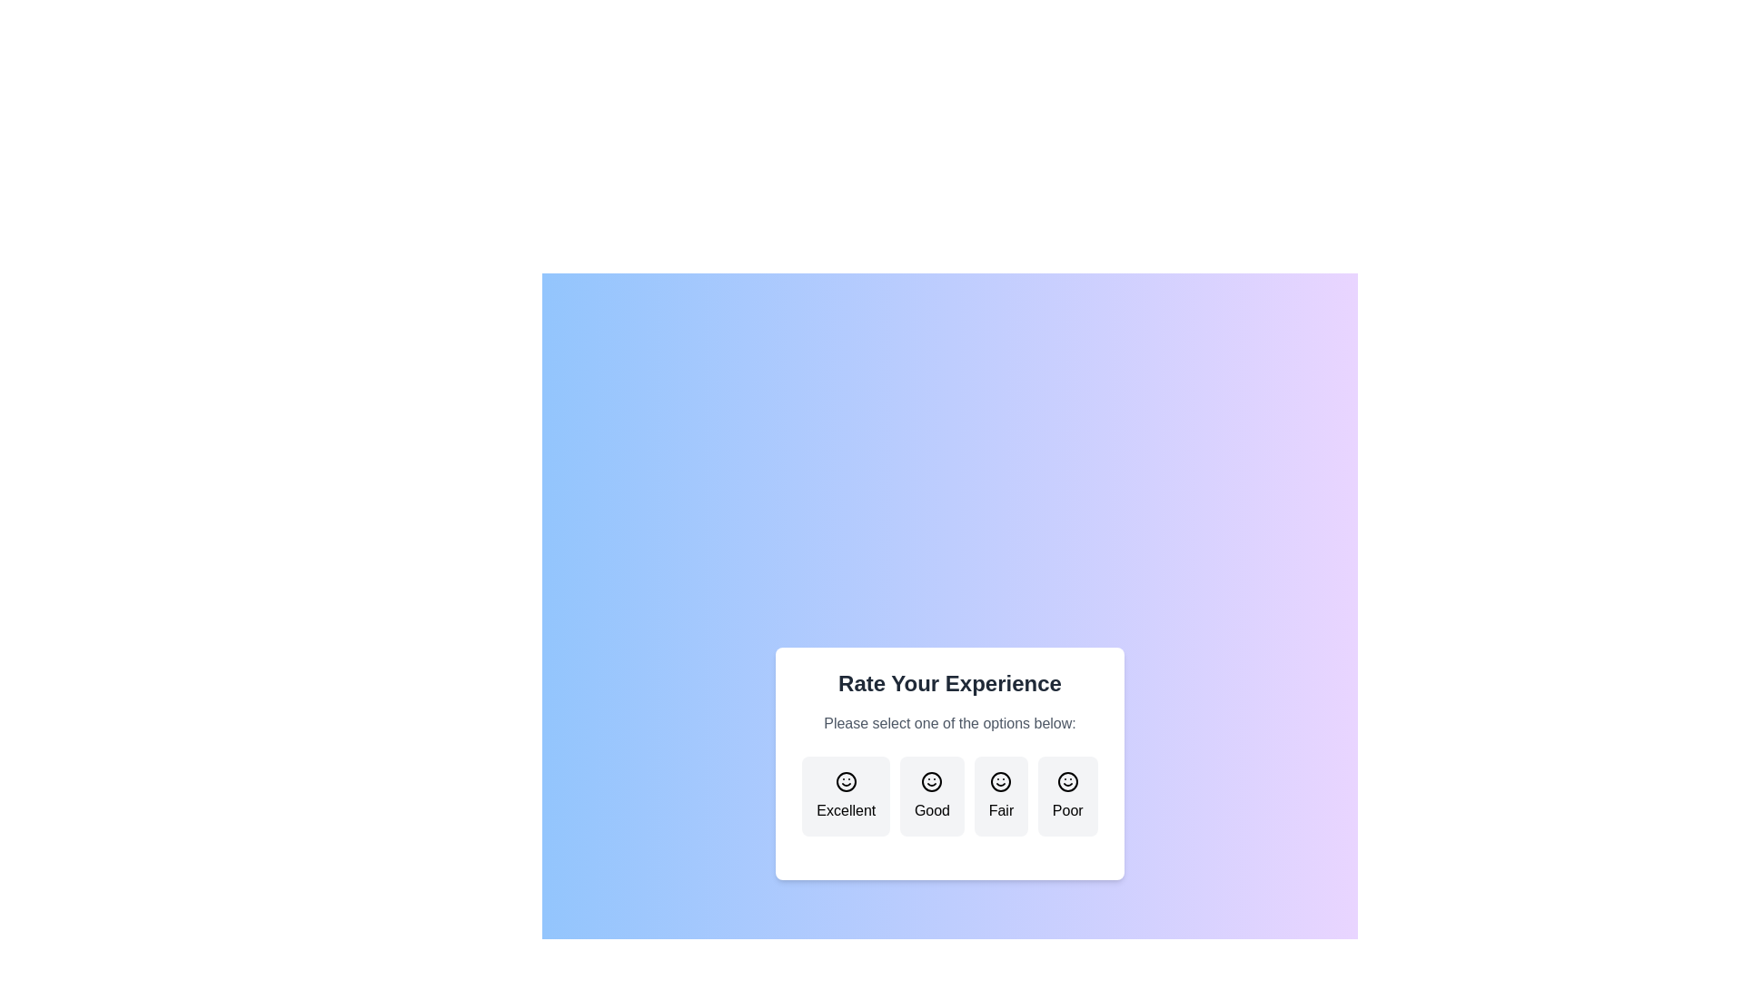 The image size is (1744, 981). Describe the element at coordinates (949, 683) in the screenshot. I see `the text element that reads 'Rate Your Experience', which is prominently displayed at the top of a card-like structure in a bold, large font with a dark color` at that location.